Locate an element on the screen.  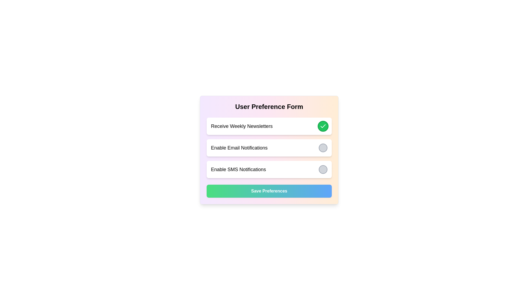
the text label that says 'Enable Email Notifications,' which is styled prominently within a white rectangular section. This label is the second option in a list of user preferences, located to the left of a circular toggle button is located at coordinates (239, 148).